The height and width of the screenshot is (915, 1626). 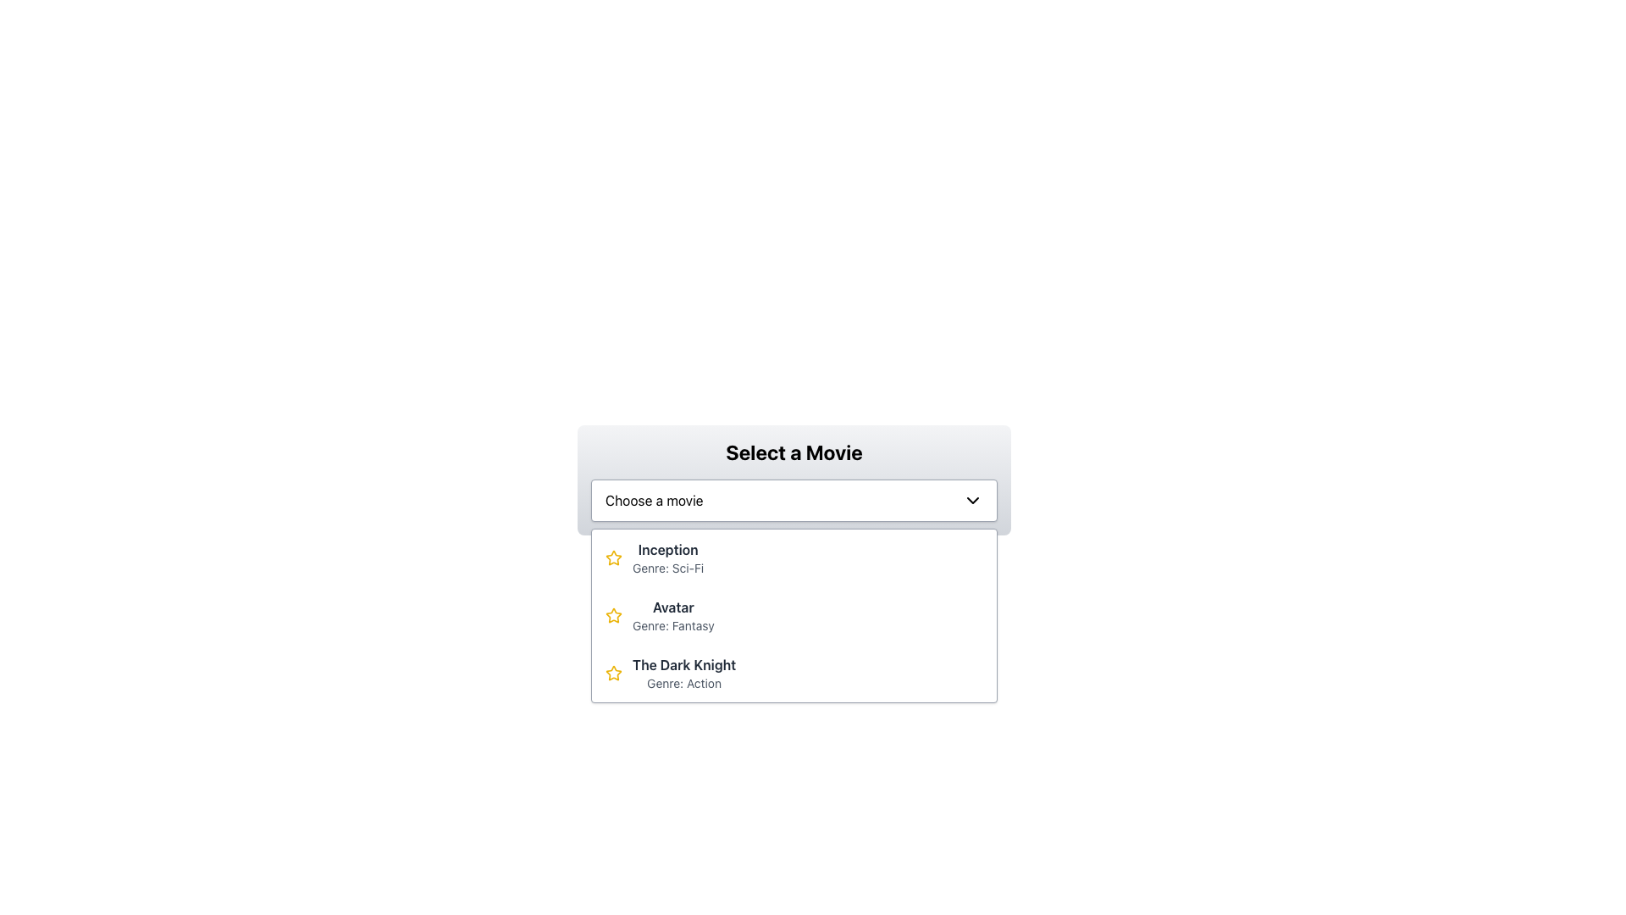 I want to click on the third list item in the dropdown menu representing the movie 'The Dark Knight', so click(x=793, y=672).